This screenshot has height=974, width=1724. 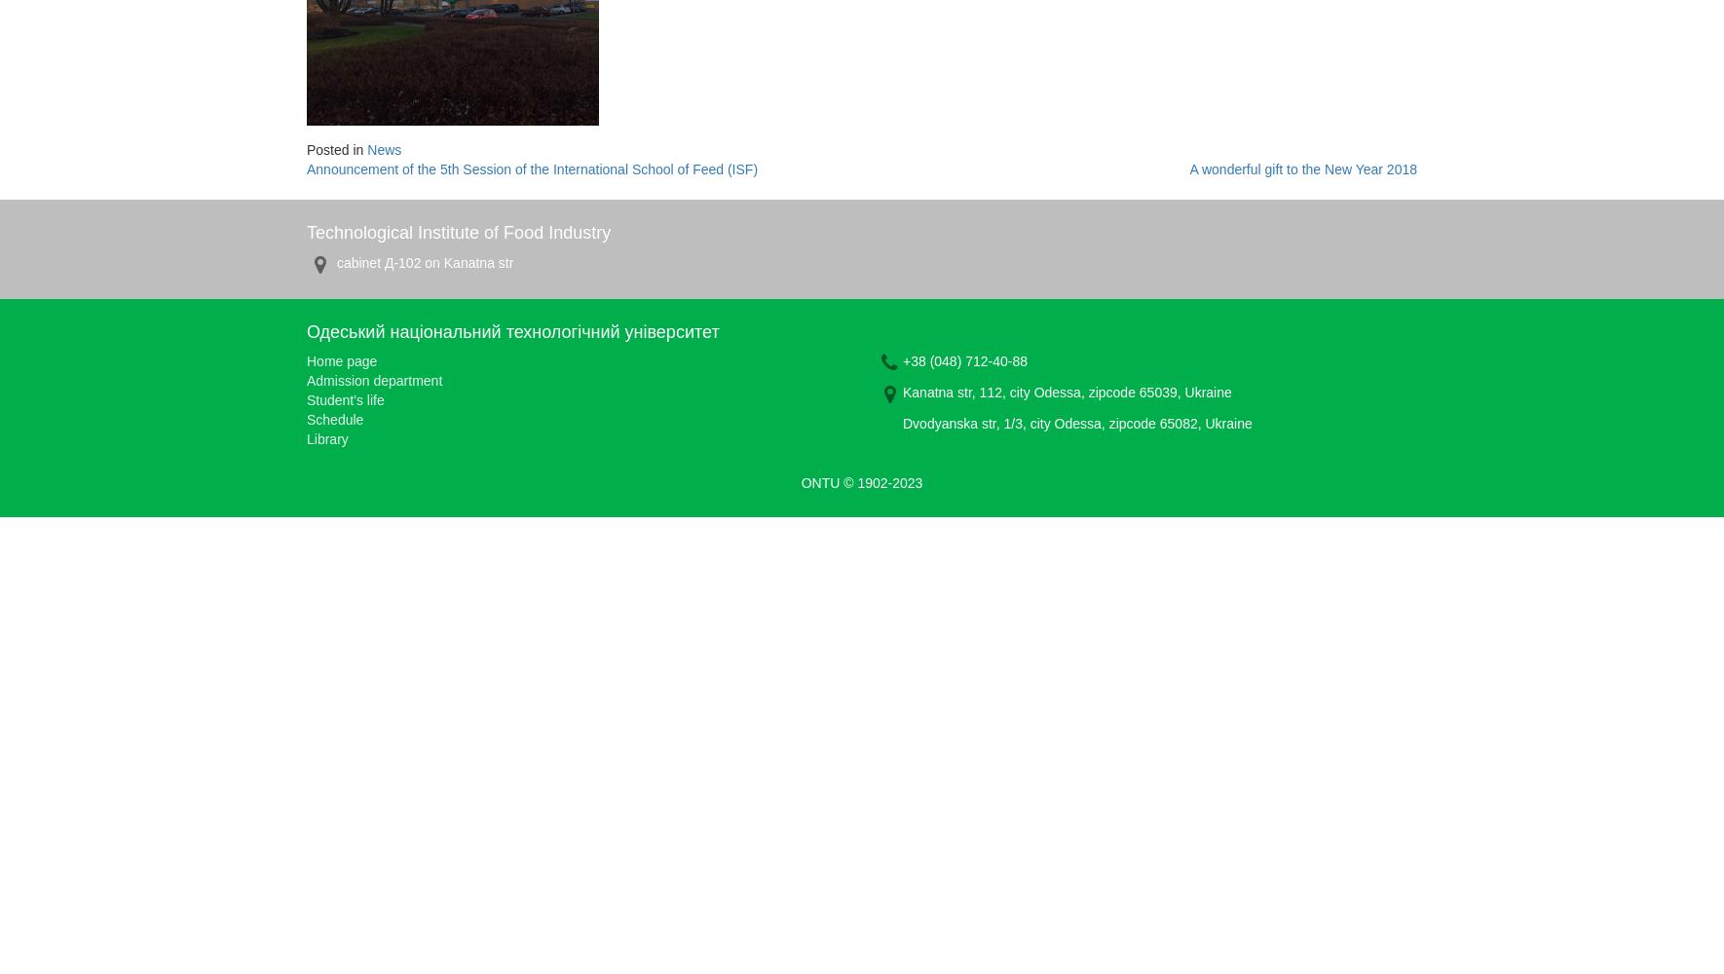 I want to click on '+38 (048) 712-40-88', so click(x=964, y=360).